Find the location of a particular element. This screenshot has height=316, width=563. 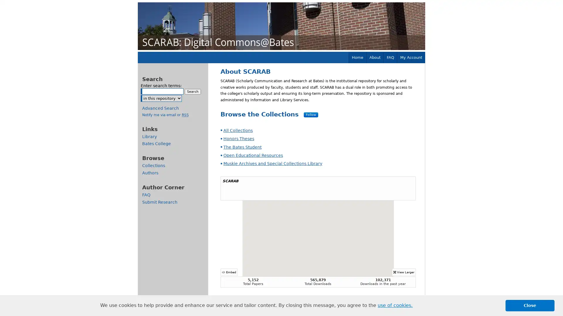

learn more about cookies is located at coordinates (395, 305).